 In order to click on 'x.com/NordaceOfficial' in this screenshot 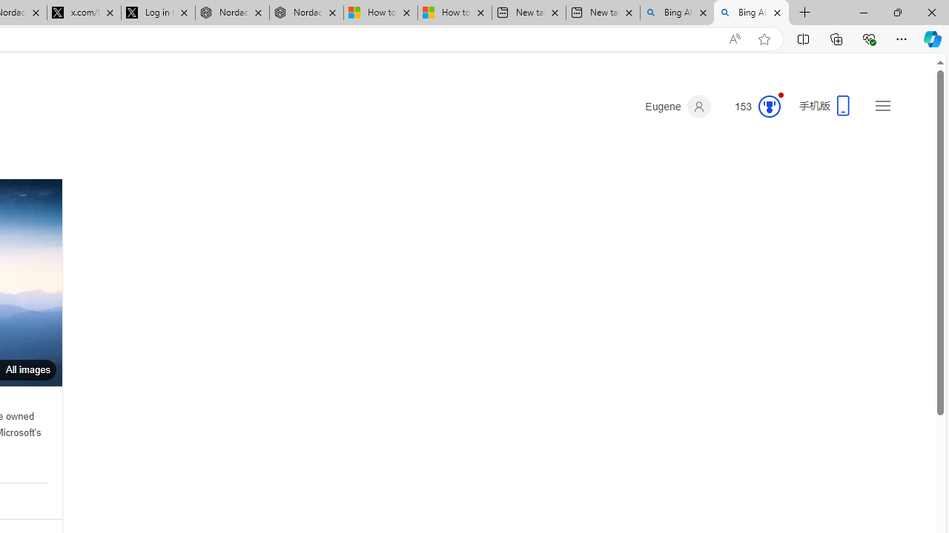, I will do `click(83, 13)`.